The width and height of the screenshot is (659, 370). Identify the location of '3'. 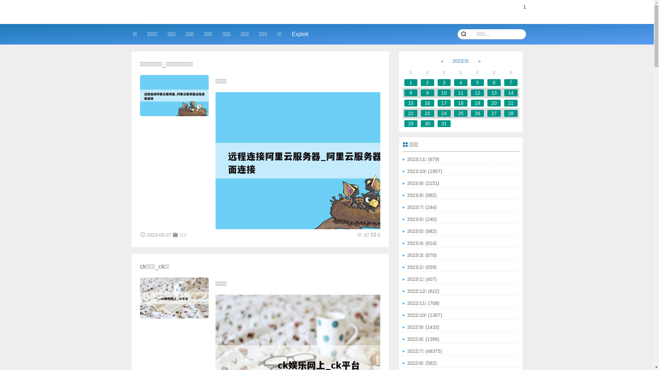
(444, 82).